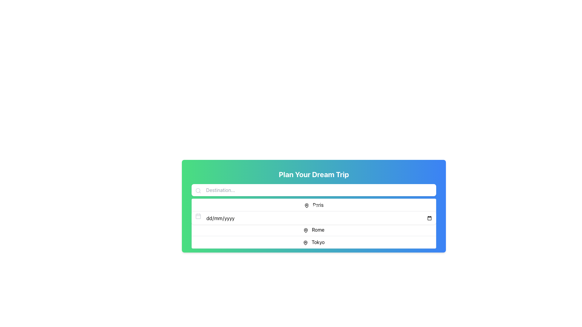 The height and width of the screenshot is (327, 582). What do you see at coordinates (306, 230) in the screenshot?
I see `the pin icon located to the left of the 'Rome' label, which is the second line item in the list of options` at bounding box center [306, 230].